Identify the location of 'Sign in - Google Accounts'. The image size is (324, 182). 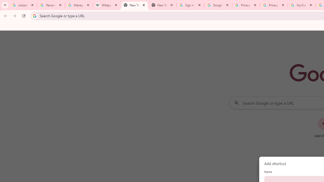
(190, 5).